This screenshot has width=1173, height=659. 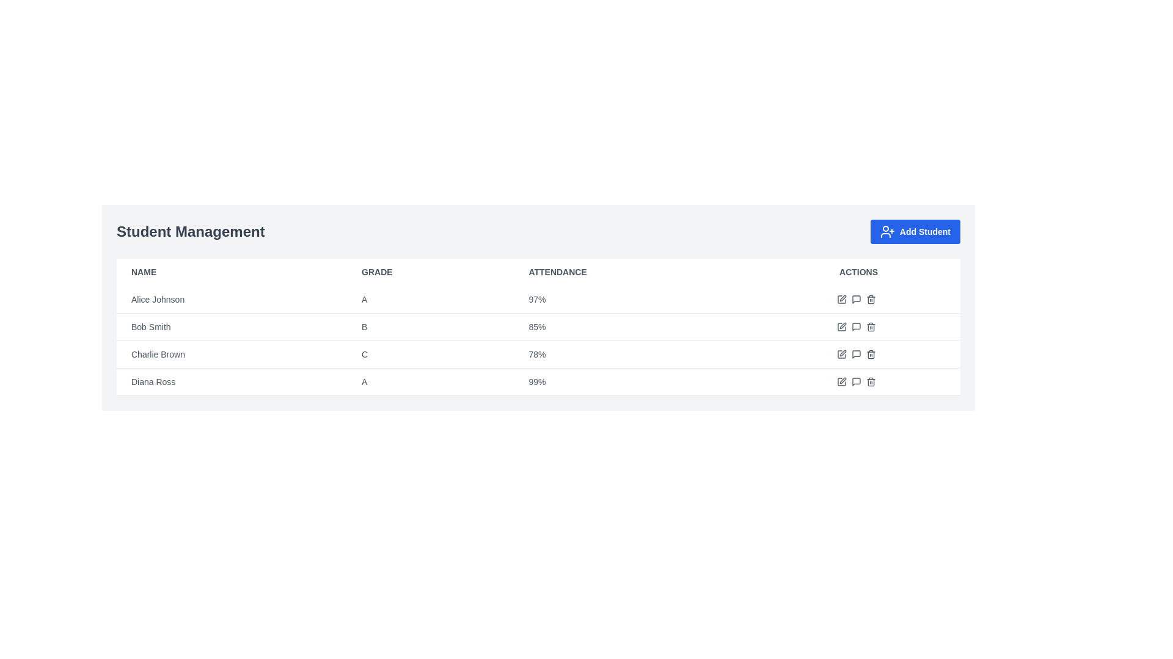 I want to click on the editing icon in the fourth row under the 'Actions' column of the table for 'Diana Ross' to initiate the edit action, so click(x=841, y=355).